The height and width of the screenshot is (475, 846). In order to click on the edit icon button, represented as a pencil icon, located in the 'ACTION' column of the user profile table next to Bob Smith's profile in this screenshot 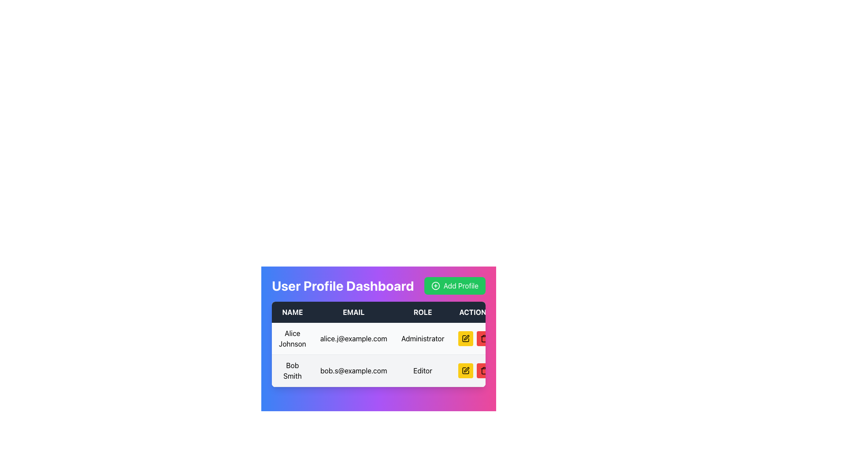, I will do `click(465, 371)`.